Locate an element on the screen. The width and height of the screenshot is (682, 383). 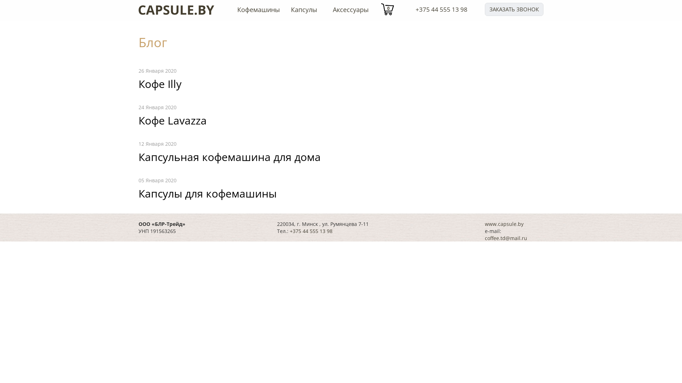
'+375 44 555 13 98' is located at coordinates (441, 9).